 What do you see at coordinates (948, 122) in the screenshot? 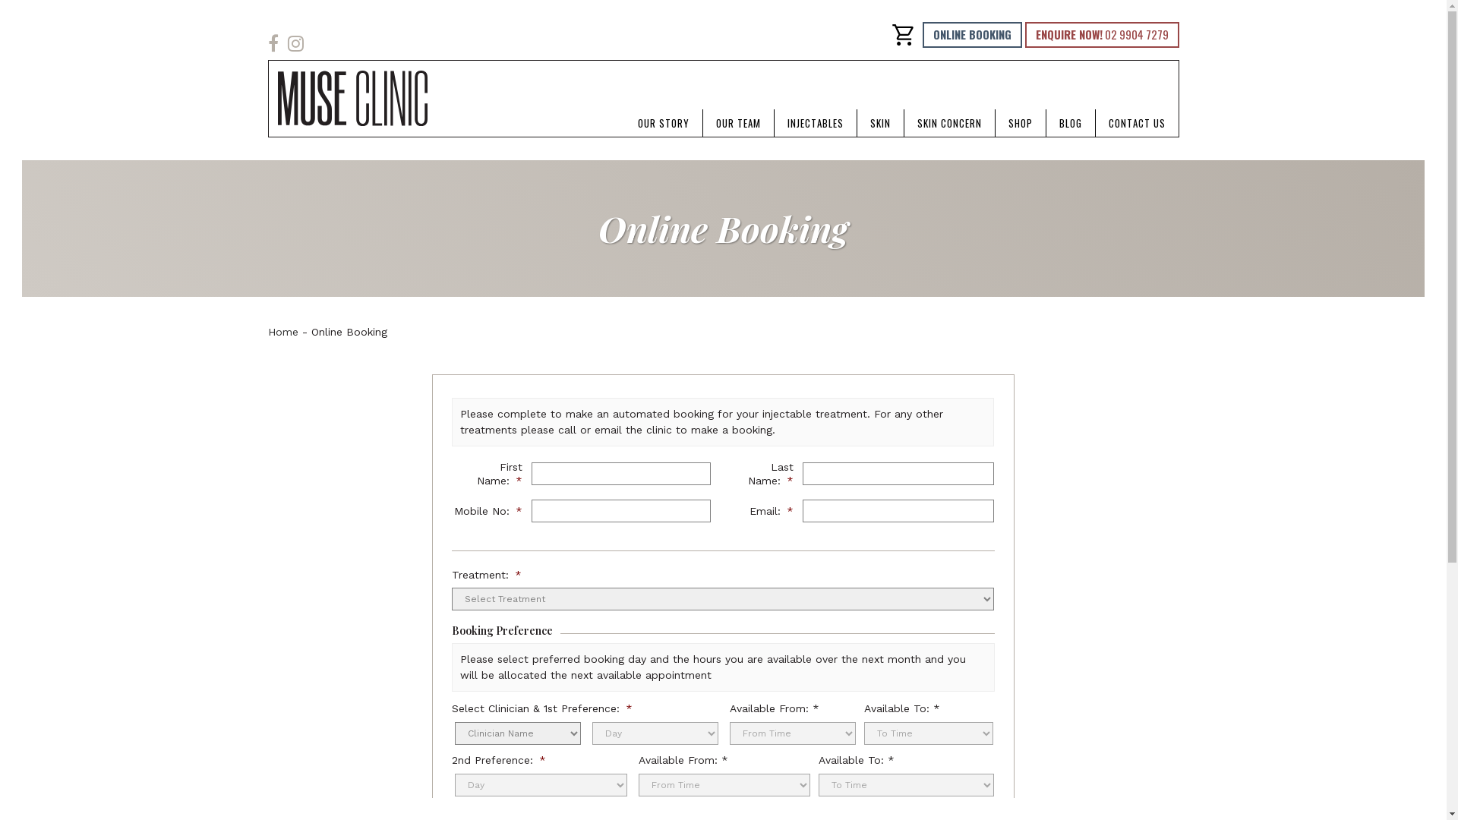
I see `'SKIN CONCERN'` at bounding box center [948, 122].